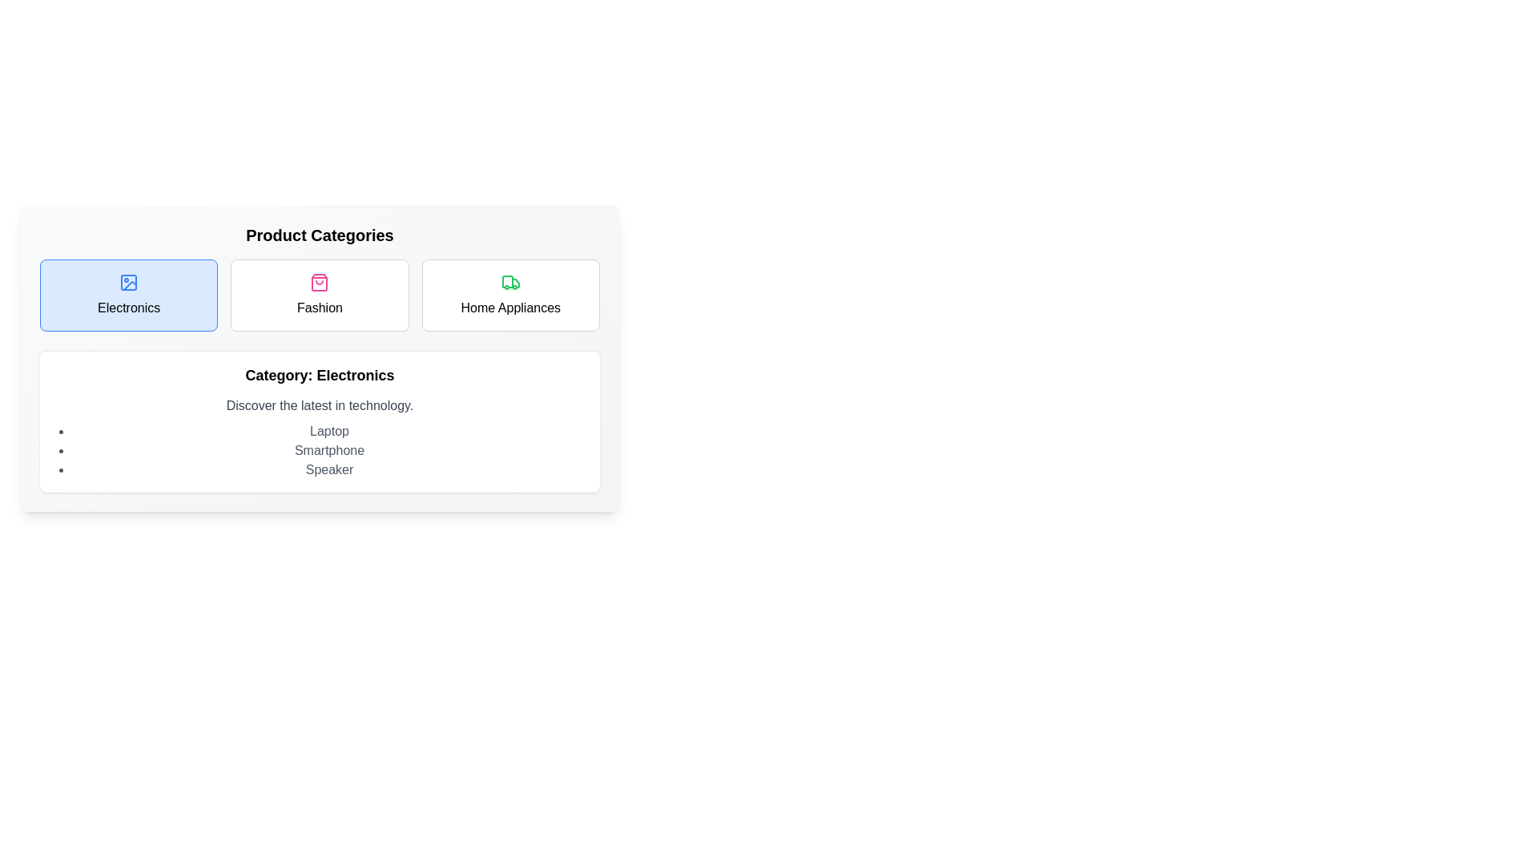 This screenshot has height=865, width=1538. I want to click on the Graphical Icon Component, which is a centrally positioned 24x24 pixel SVG icon representing an image or placeholder, so click(129, 282).